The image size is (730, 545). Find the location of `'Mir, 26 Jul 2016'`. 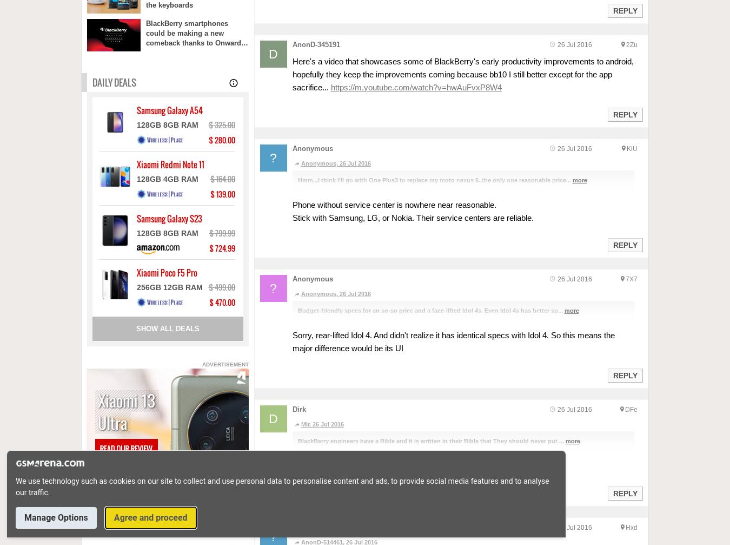

'Mir, 26 Jul 2016' is located at coordinates (322, 424).